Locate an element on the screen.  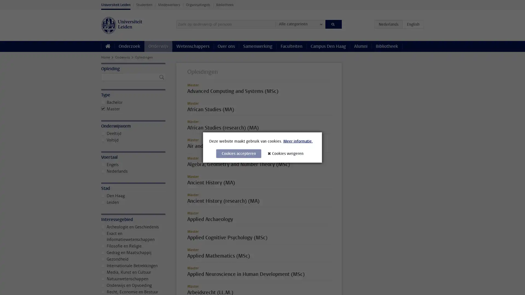
Zoeken is located at coordinates (333, 24).